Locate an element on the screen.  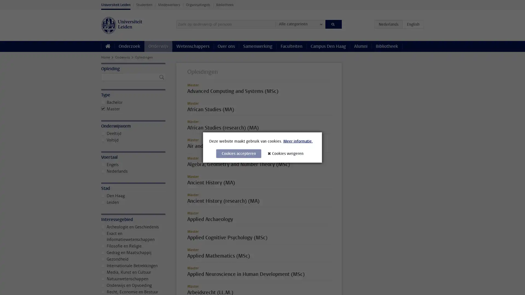
Zoeken is located at coordinates (333, 24).